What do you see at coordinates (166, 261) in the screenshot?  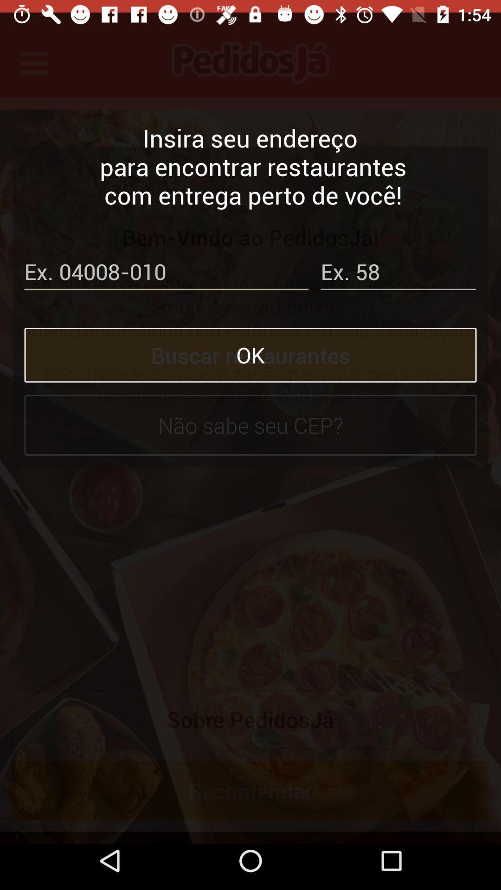 I see `this function is search feature` at bounding box center [166, 261].